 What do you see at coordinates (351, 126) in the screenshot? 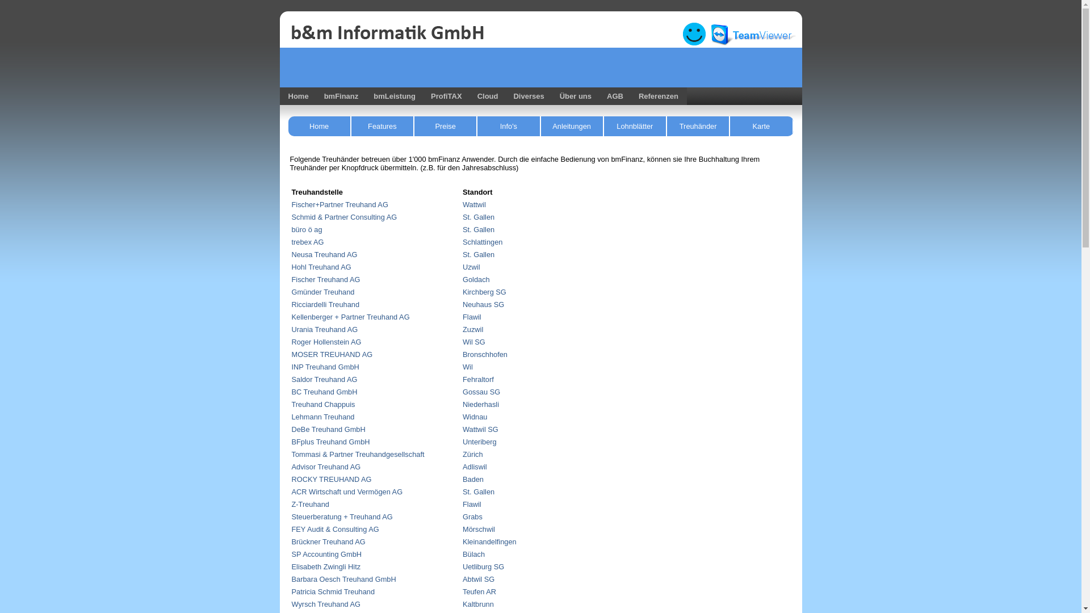
I see `'Features'` at bounding box center [351, 126].